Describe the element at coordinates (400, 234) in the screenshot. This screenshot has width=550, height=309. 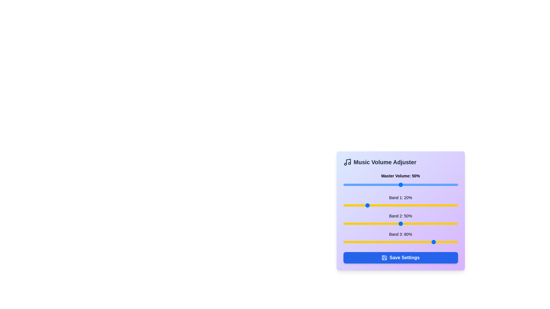
I see `the text label displaying 'Band 3: 80%' which is located in the bottom section of the panel, above the yellow slider and below the 'Band 2' slider` at that location.